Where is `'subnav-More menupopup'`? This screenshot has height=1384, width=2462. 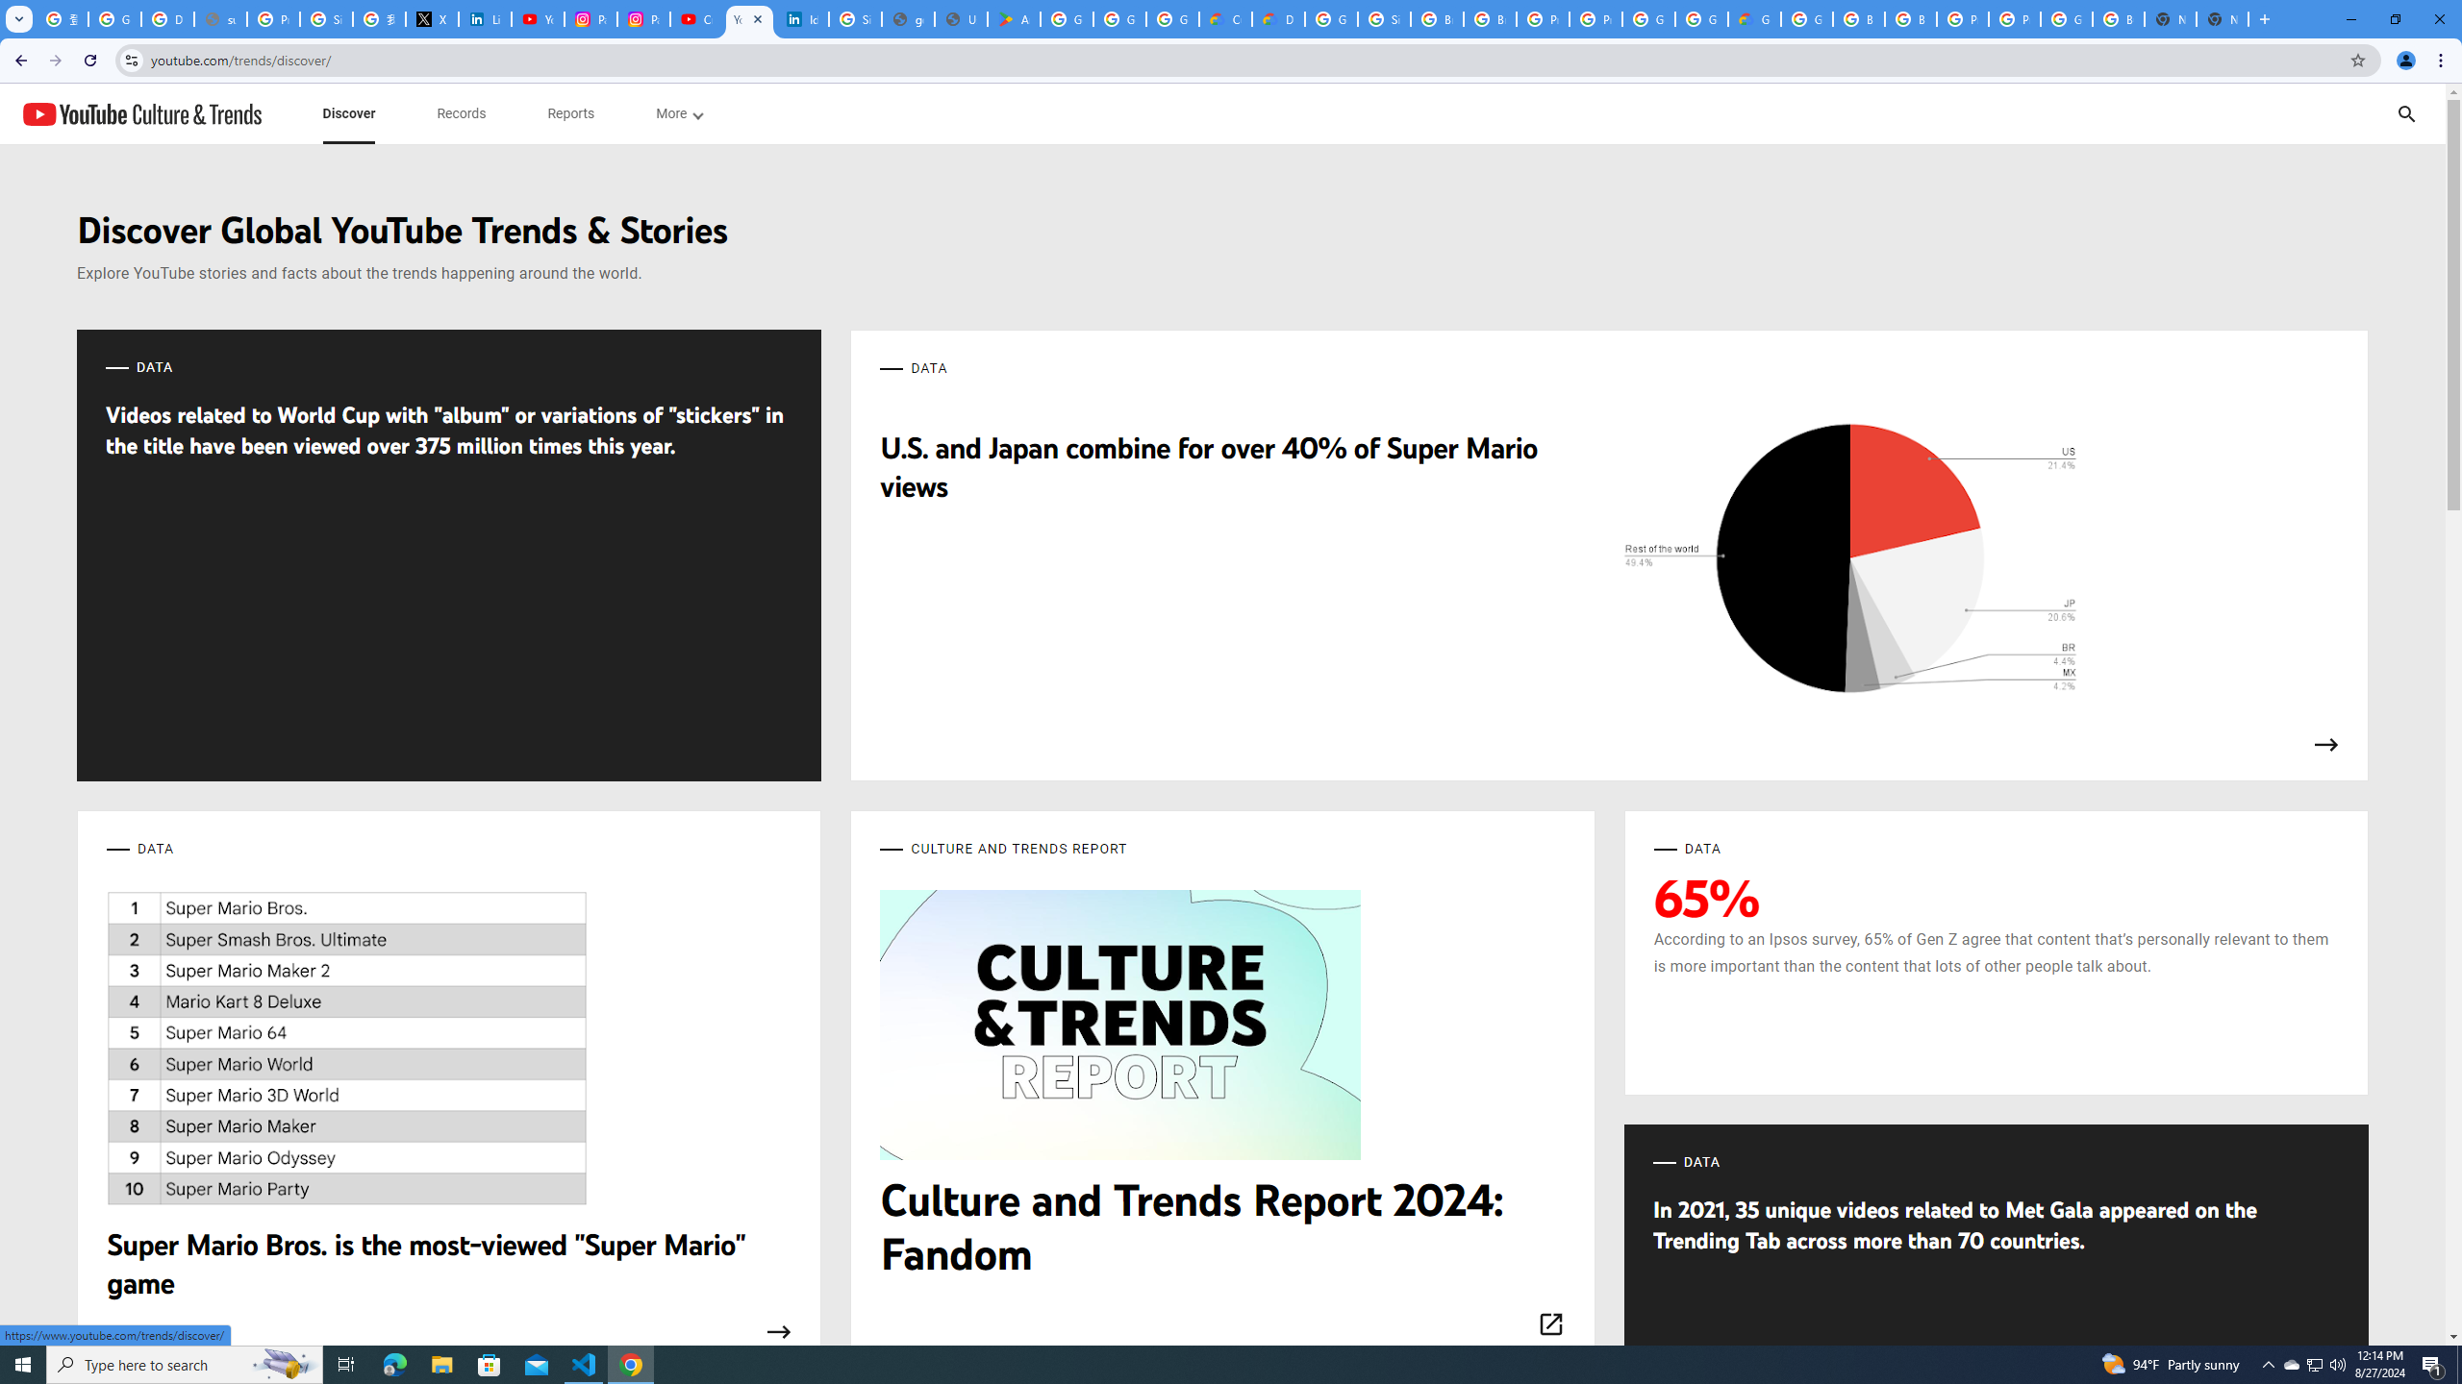
'subnav-More menupopup' is located at coordinates (678, 113).